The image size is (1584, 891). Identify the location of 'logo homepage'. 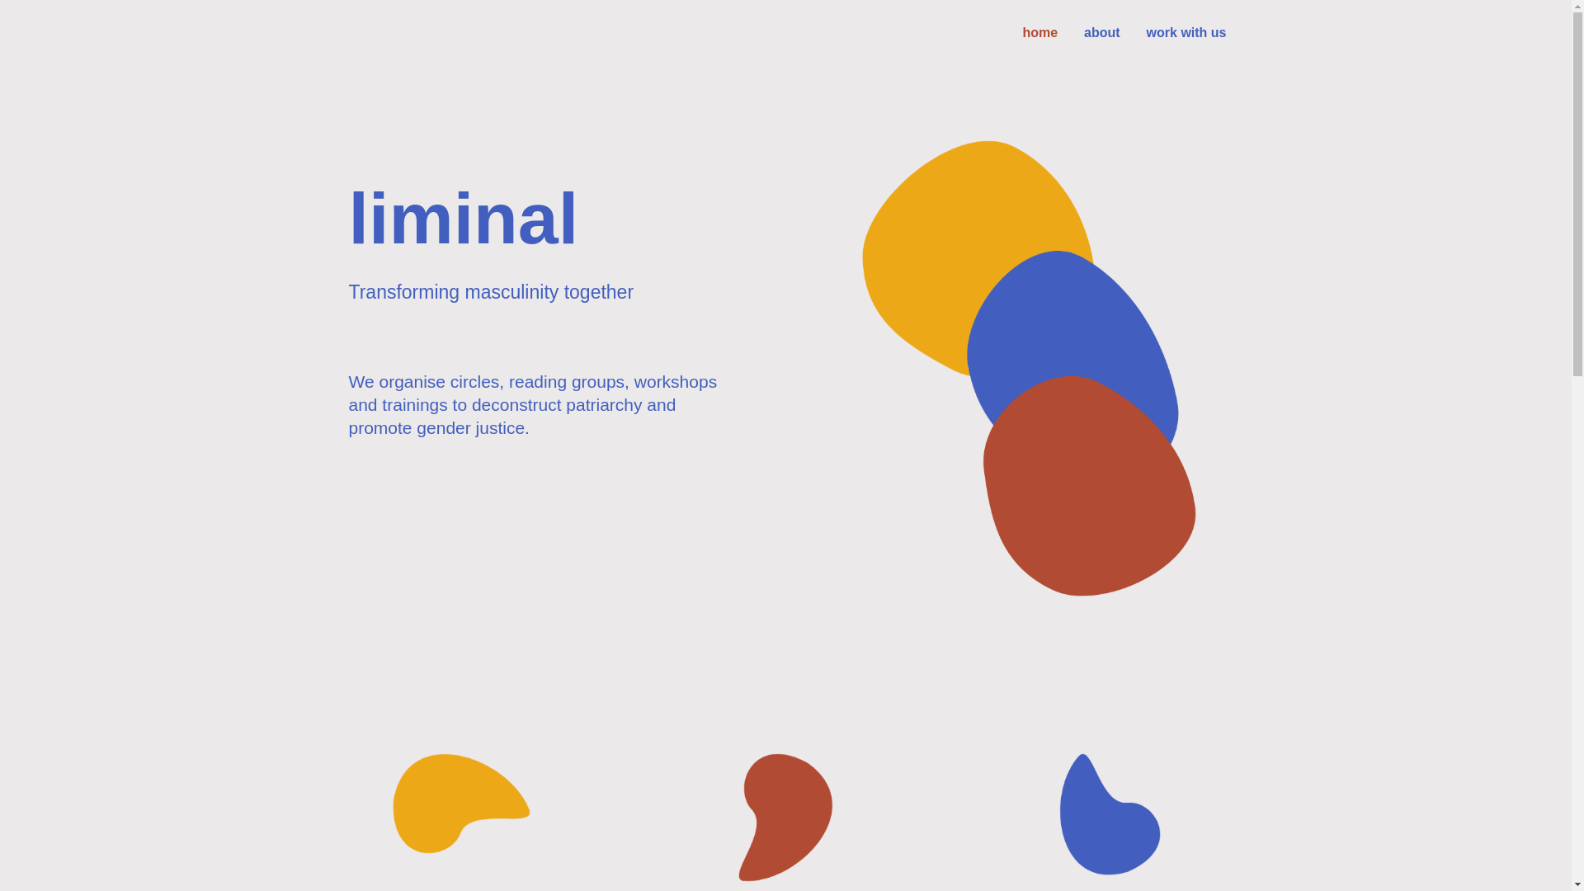
(1028, 367).